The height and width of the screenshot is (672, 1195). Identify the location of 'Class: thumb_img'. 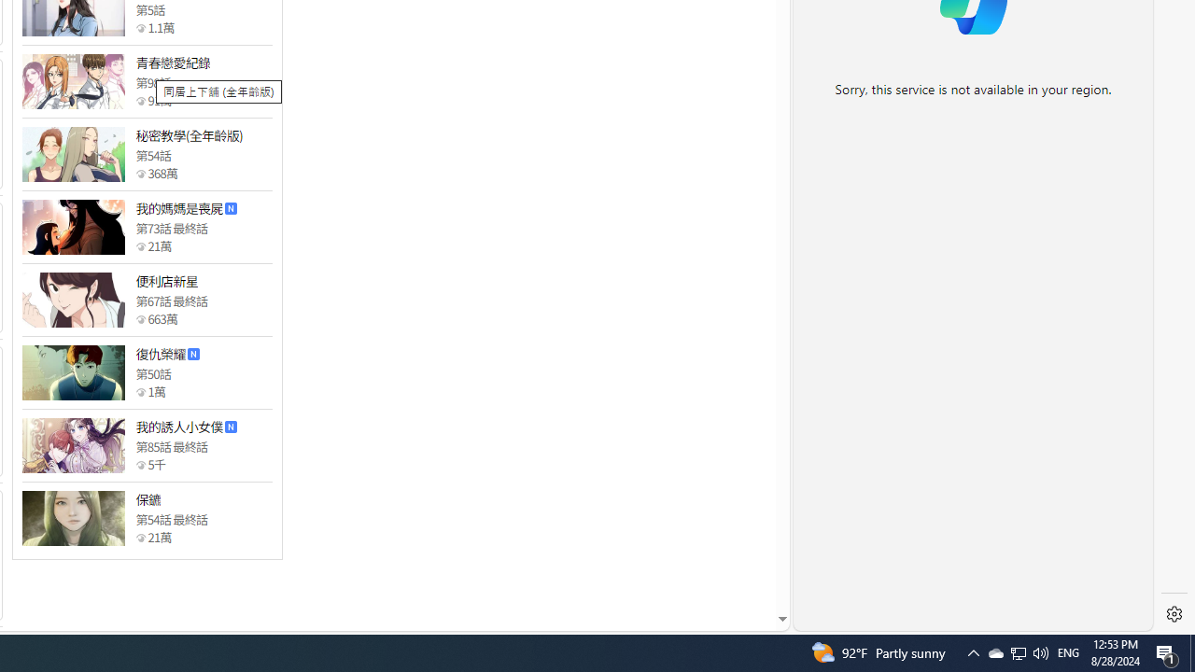
(73, 518).